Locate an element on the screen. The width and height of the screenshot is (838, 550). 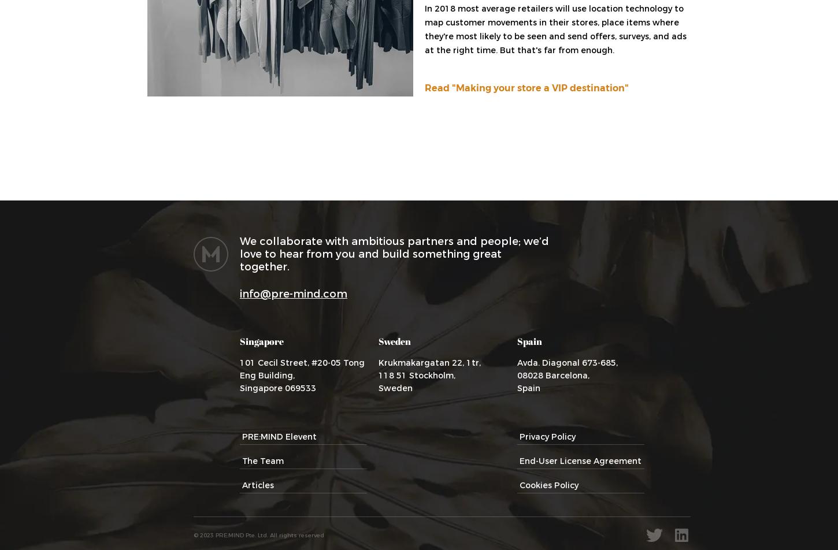
'info@pre-mind.com' is located at coordinates (293, 294).